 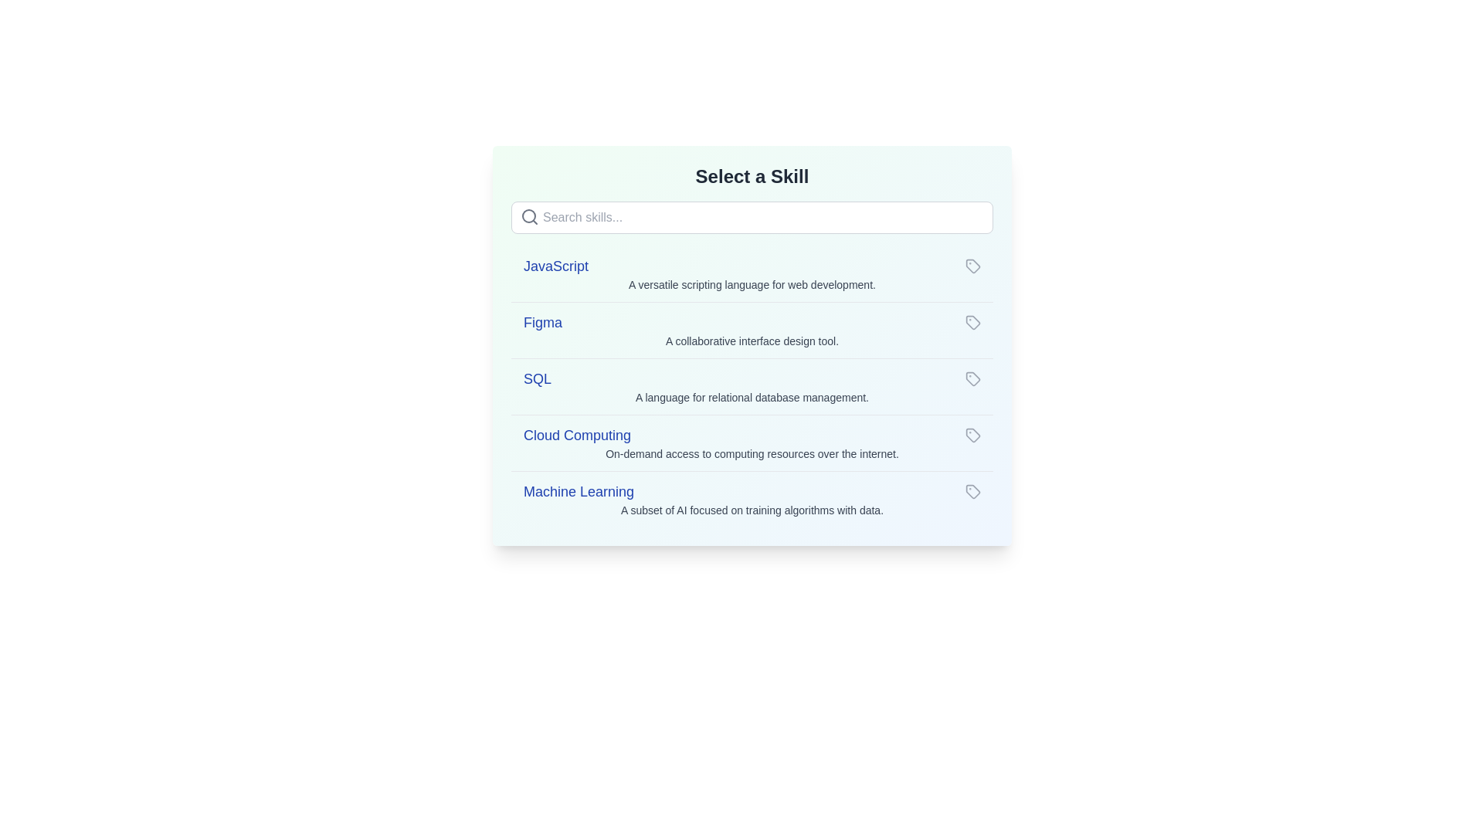 I want to click on the SVG icon that visually represents the 'Figma' list item, which is located to the right of the text 'Figma' in the skills list, so click(x=972, y=321).